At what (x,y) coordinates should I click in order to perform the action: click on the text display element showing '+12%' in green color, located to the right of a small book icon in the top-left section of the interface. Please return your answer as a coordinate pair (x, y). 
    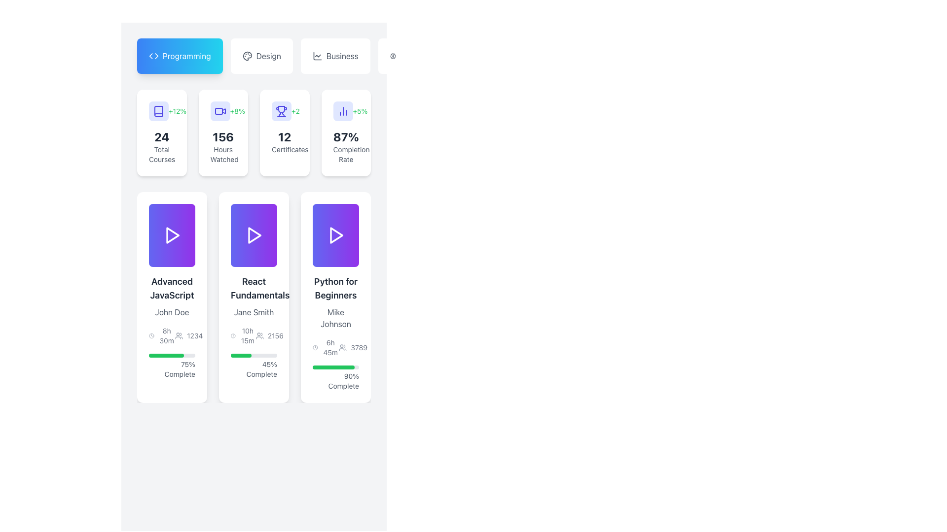
    Looking at the image, I should click on (178, 111).